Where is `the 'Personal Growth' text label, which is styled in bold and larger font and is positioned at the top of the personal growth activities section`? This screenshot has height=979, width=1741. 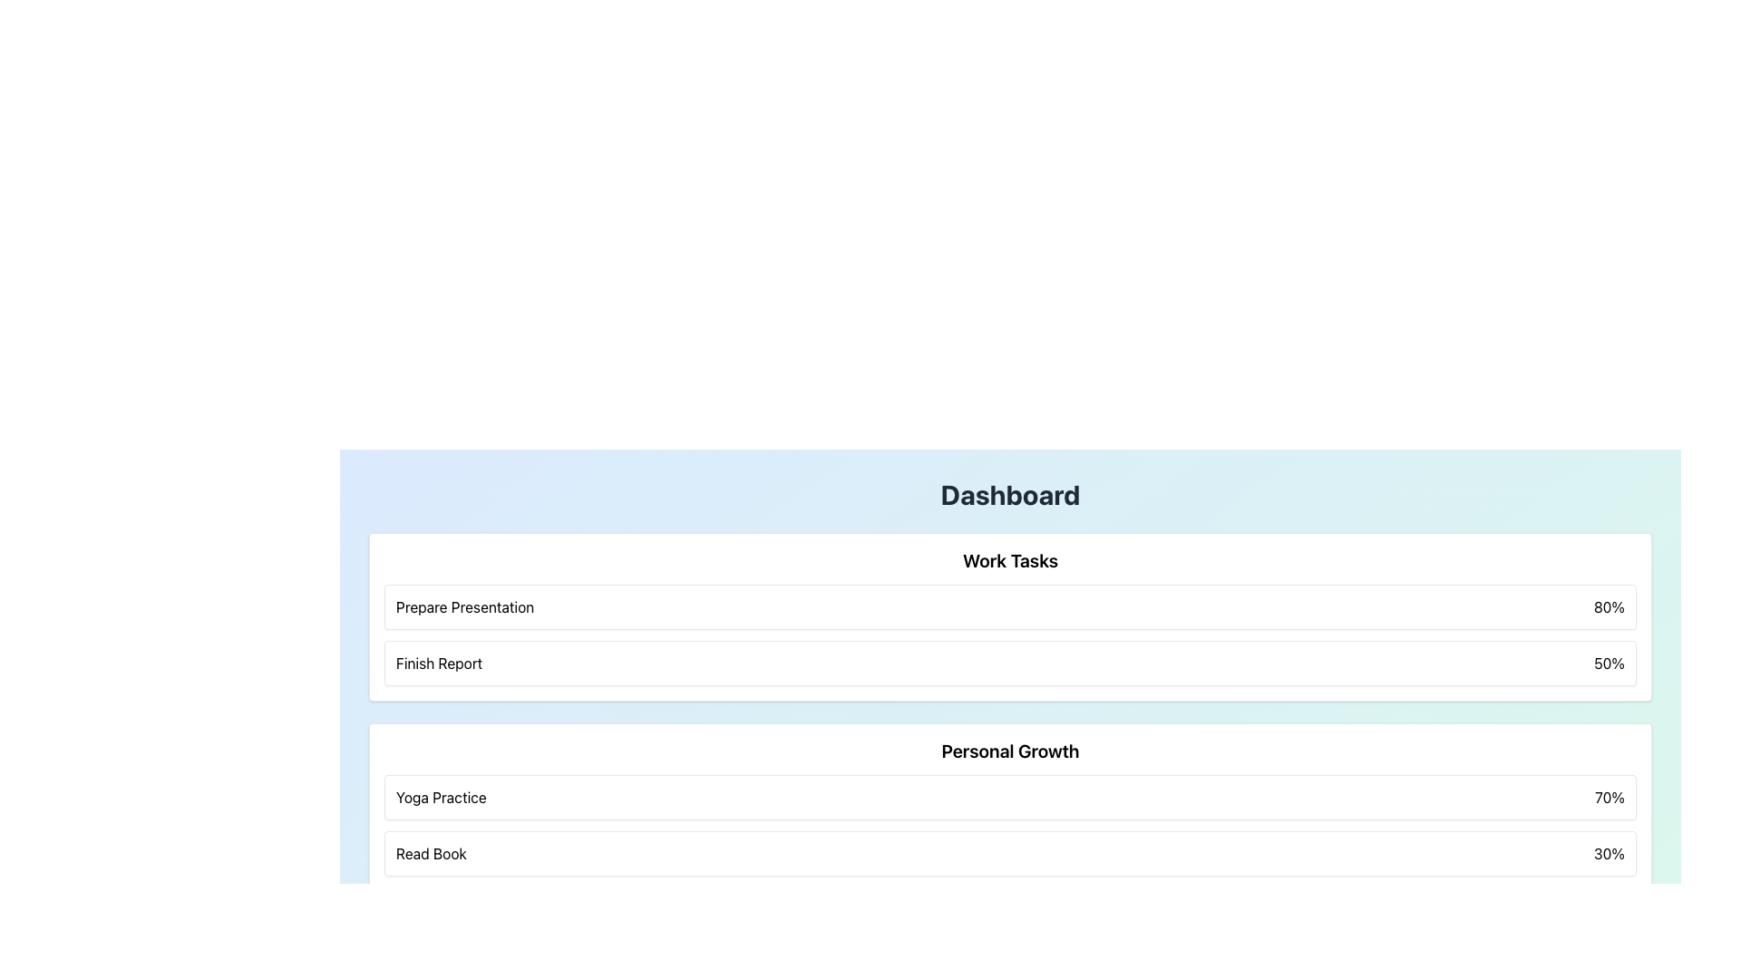
the 'Personal Growth' text label, which is styled in bold and larger font and is positioned at the top of the personal growth activities section is located at coordinates (1009, 751).